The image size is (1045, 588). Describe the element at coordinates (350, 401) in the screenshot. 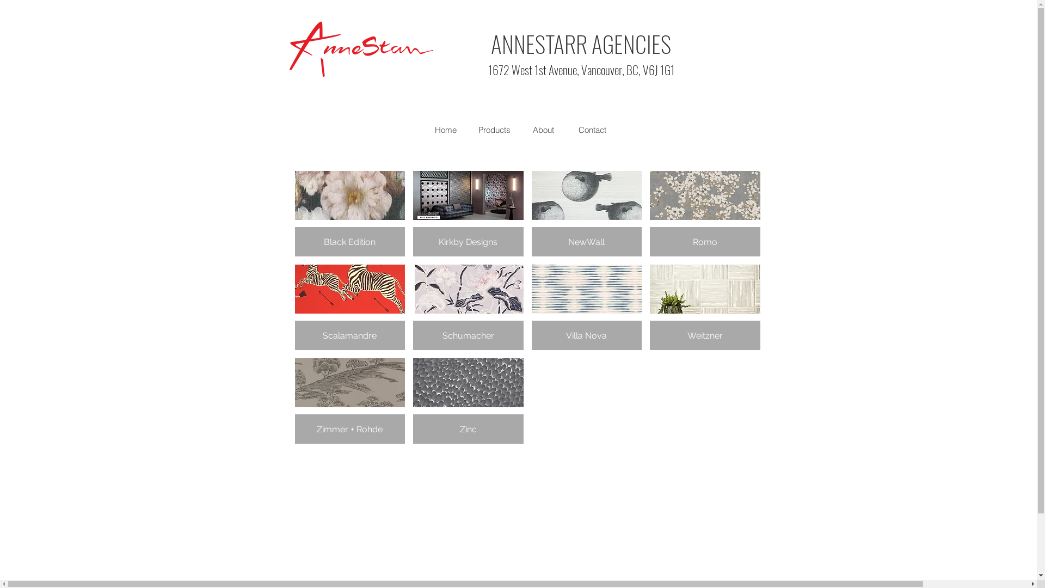

I see `'Zimmer + Rohde'` at that location.